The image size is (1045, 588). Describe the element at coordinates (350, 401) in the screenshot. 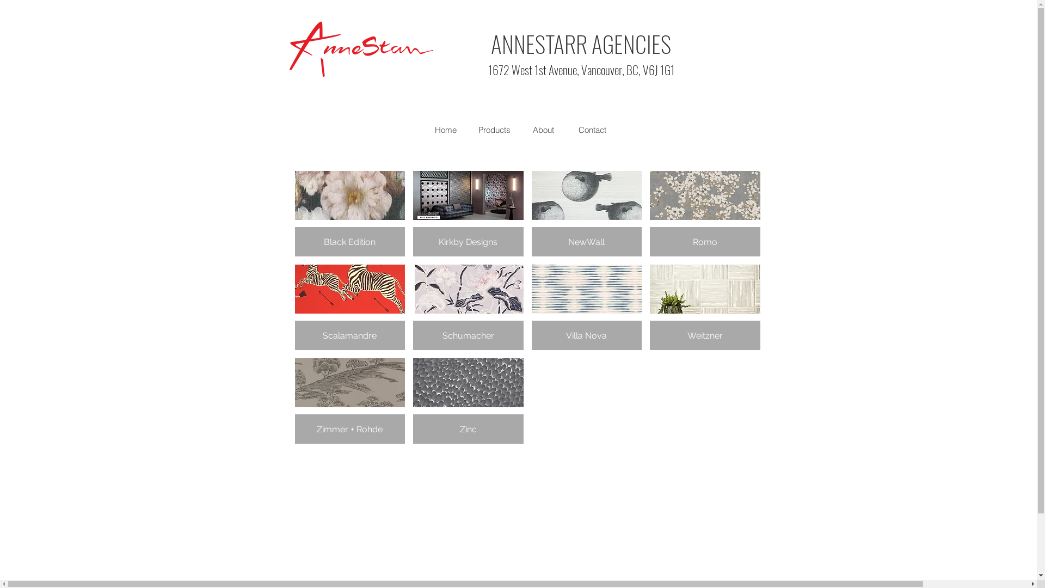

I see `'Zimmer + Rohde'` at that location.